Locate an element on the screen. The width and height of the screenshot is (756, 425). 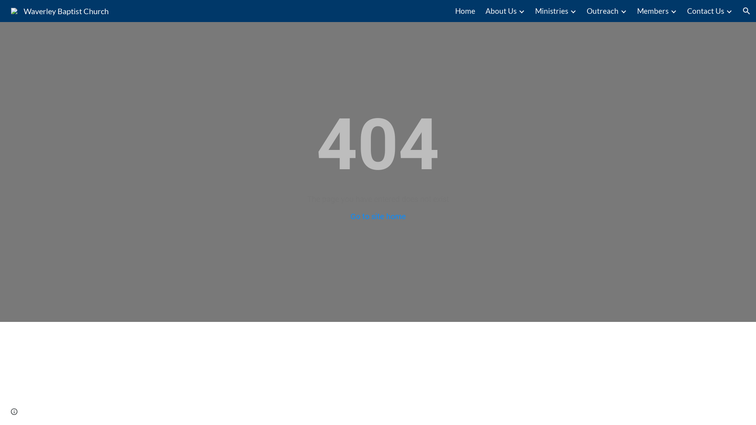
'Outreach' is located at coordinates (602, 11).